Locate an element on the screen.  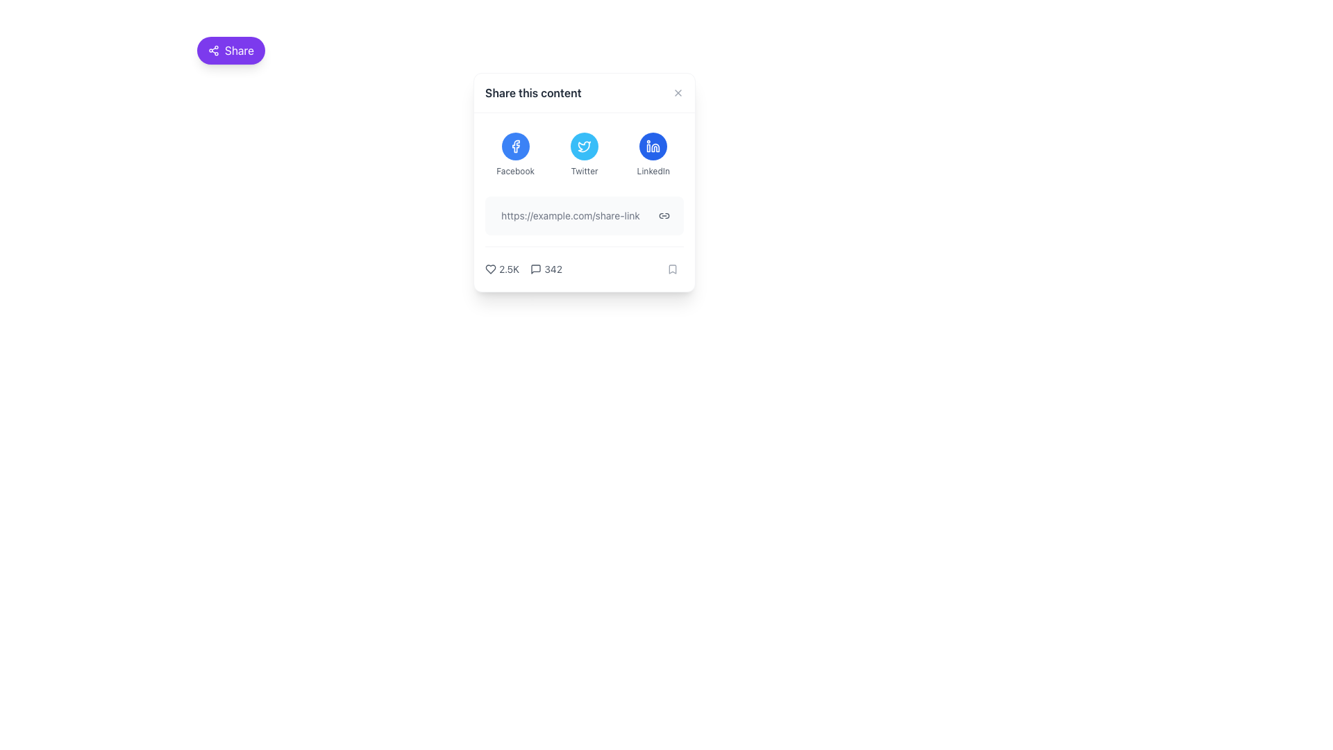
the bookmark icon located at the bottom-right corner of the card component, which is used for saving or bookmarking the content is located at coordinates (673, 269).